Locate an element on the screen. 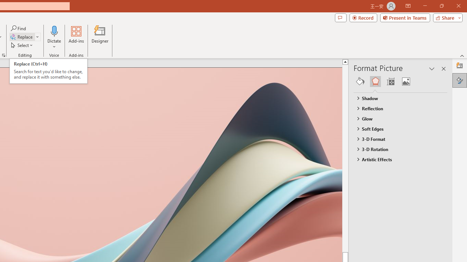  'Effects' is located at coordinates (375, 81).